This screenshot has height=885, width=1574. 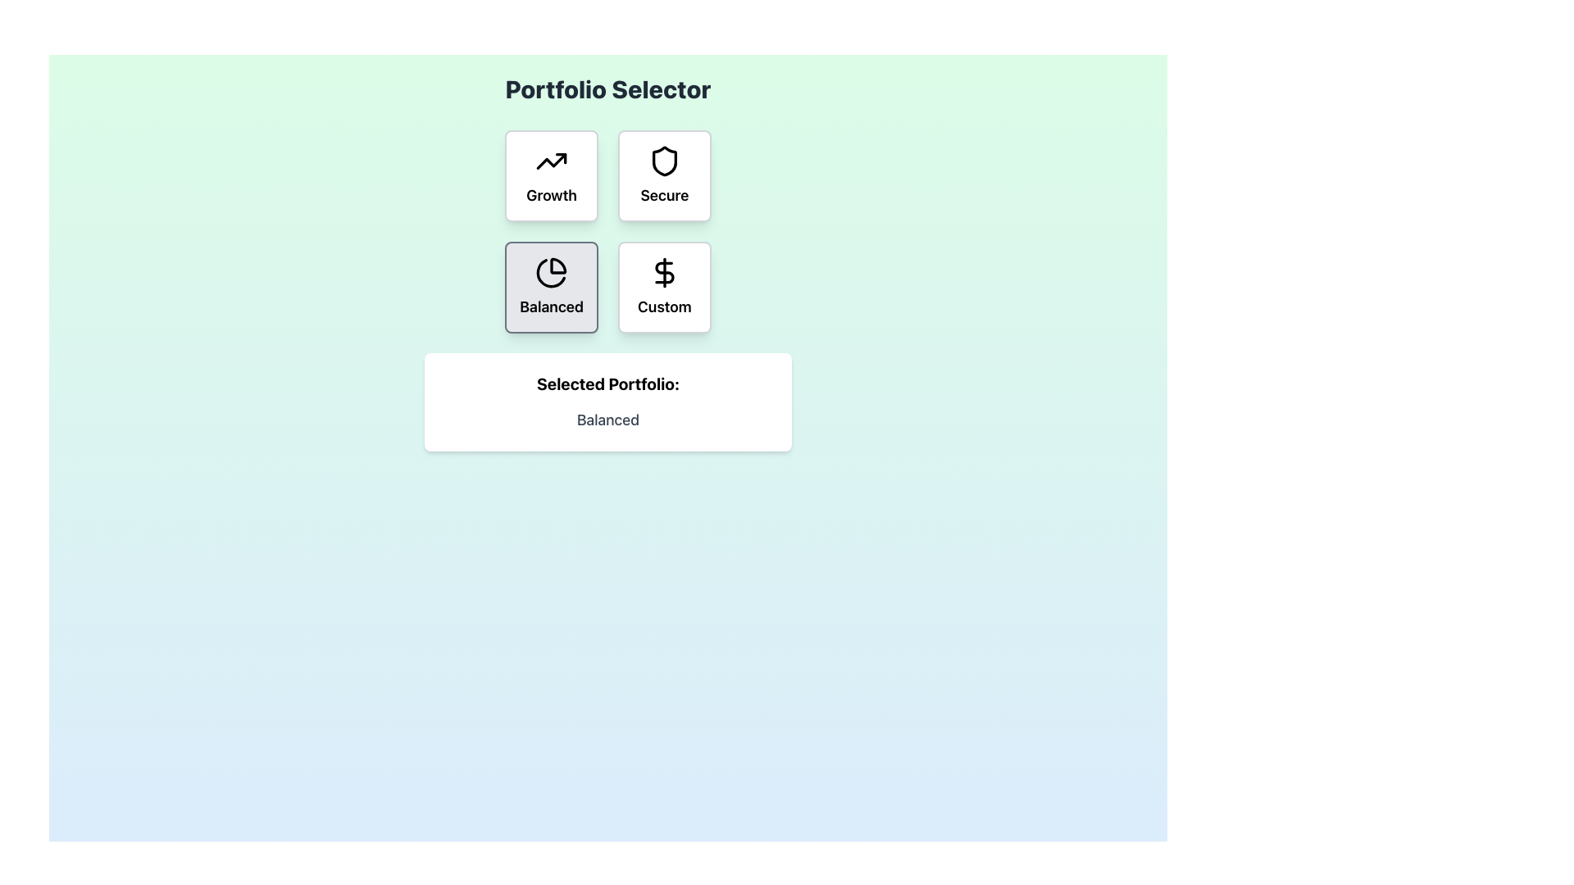 What do you see at coordinates (552, 306) in the screenshot?
I see `the Text Label indicating the 'Balanced' option within the portfolio selector interface, positioned below the pie chart icon in the central grid of containers` at bounding box center [552, 306].